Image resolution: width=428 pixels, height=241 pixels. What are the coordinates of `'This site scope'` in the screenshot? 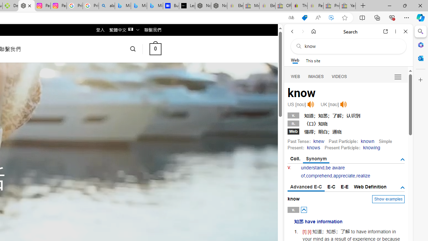 It's located at (313, 60).